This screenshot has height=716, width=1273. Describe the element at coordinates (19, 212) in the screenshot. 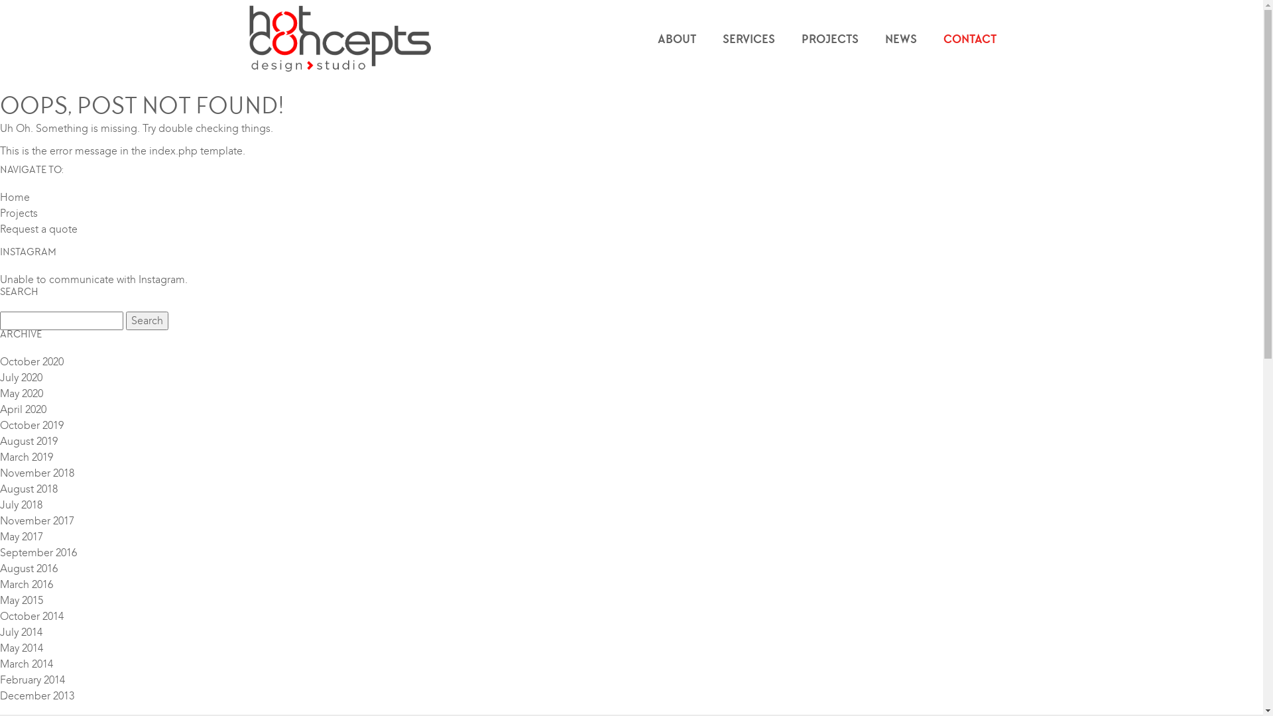

I see `'Projects'` at that location.